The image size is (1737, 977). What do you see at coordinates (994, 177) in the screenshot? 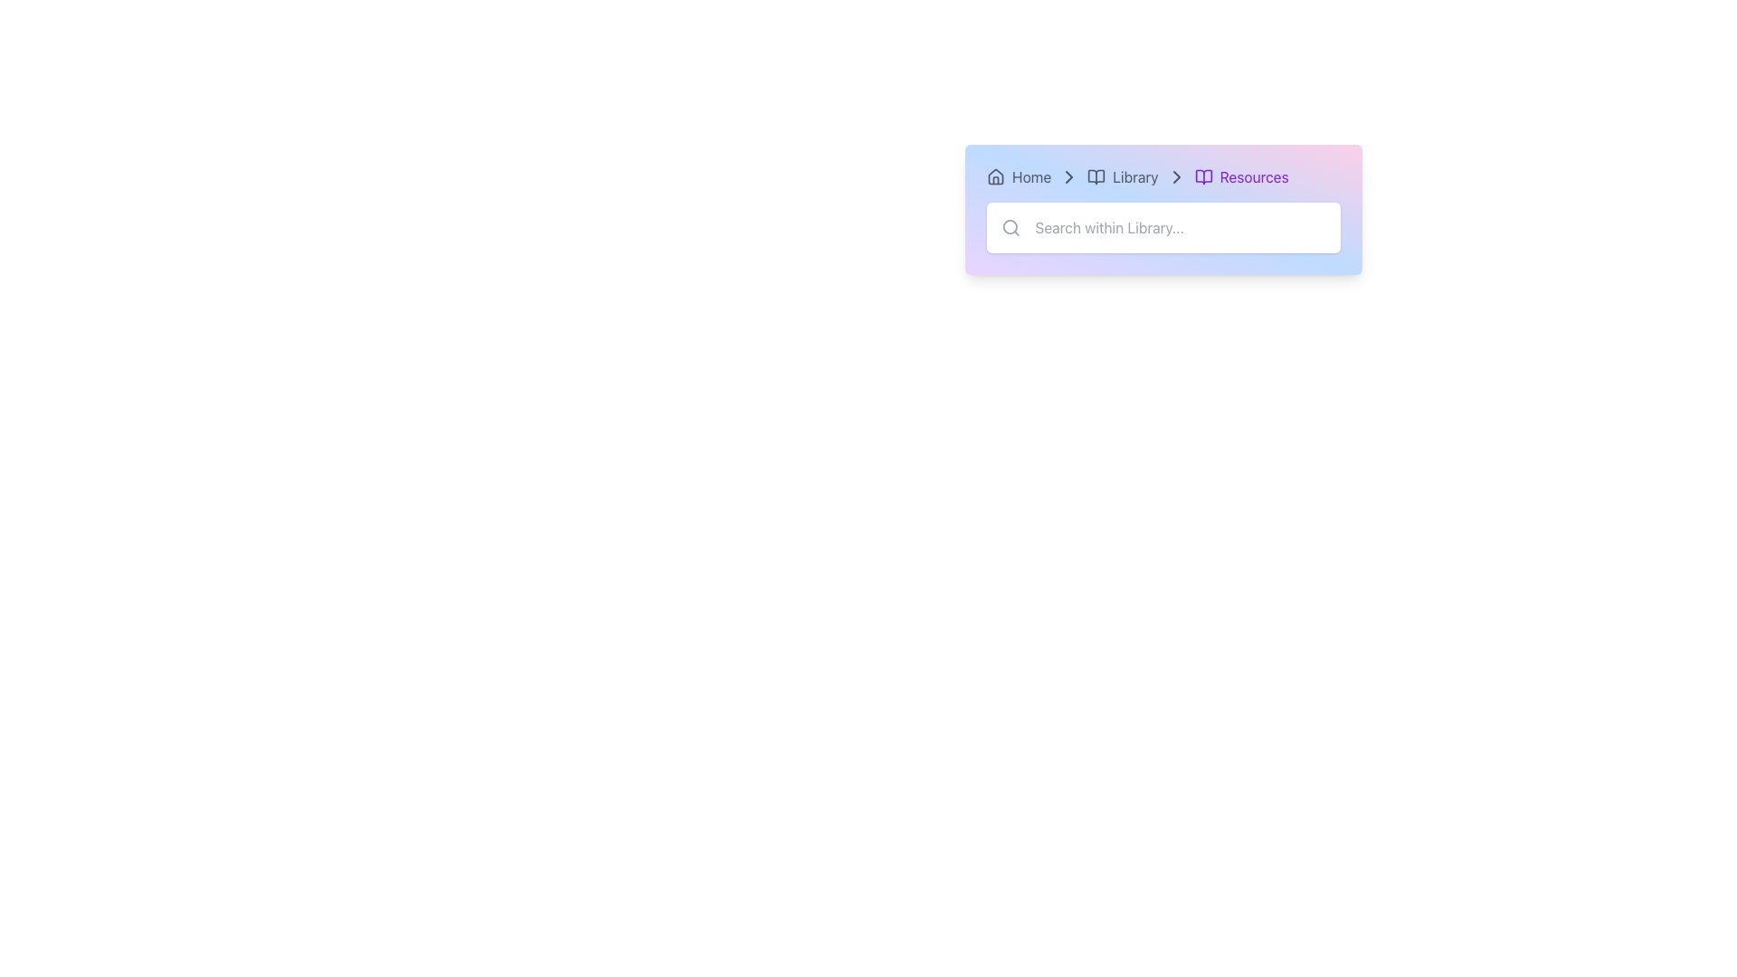
I see `the house-shaped icon located at the far left of the horizontal navigation bar` at bounding box center [994, 177].